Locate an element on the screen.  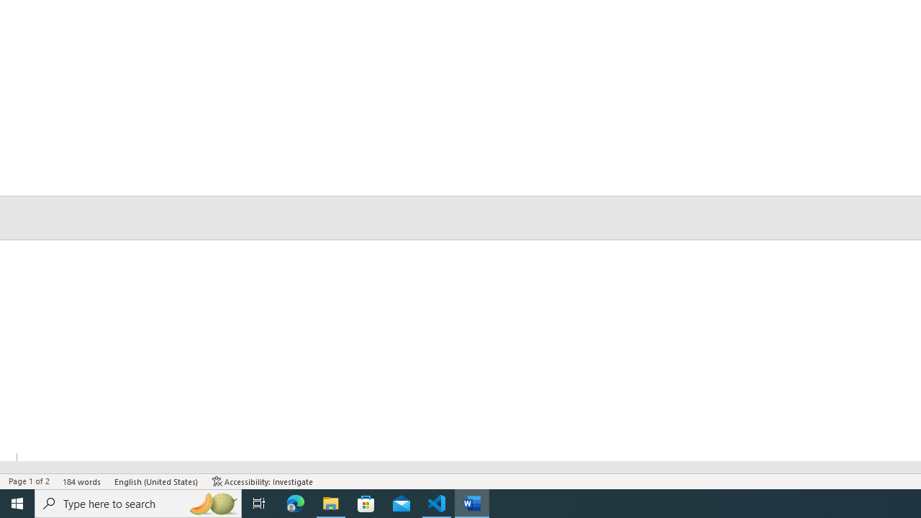
'Visual Studio Code - 1 running window' is located at coordinates (436, 502).